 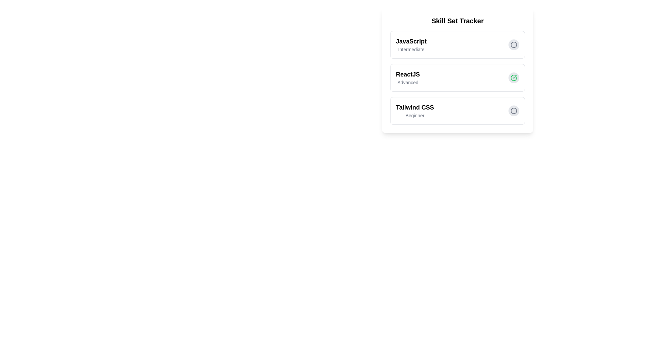 What do you see at coordinates (407, 82) in the screenshot?
I see `the static text display indicating the proficiency level of the skill 'ReactJS', which shows 'Advanced'` at bounding box center [407, 82].